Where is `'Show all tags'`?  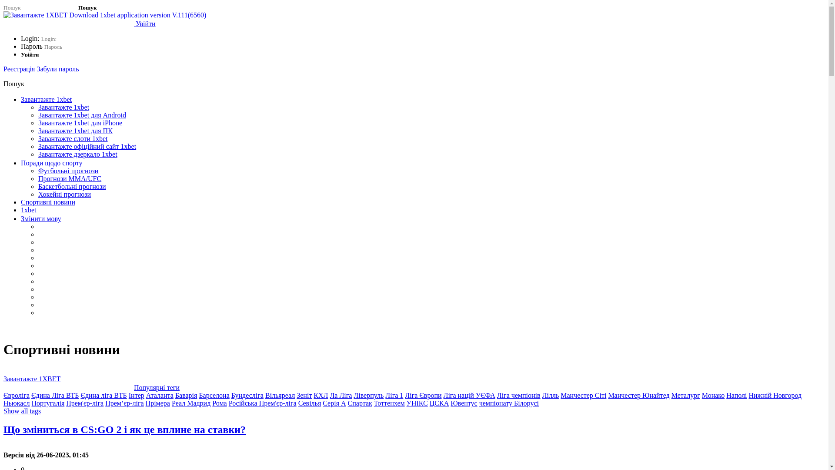 'Show all tags' is located at coordinates (3, 411).